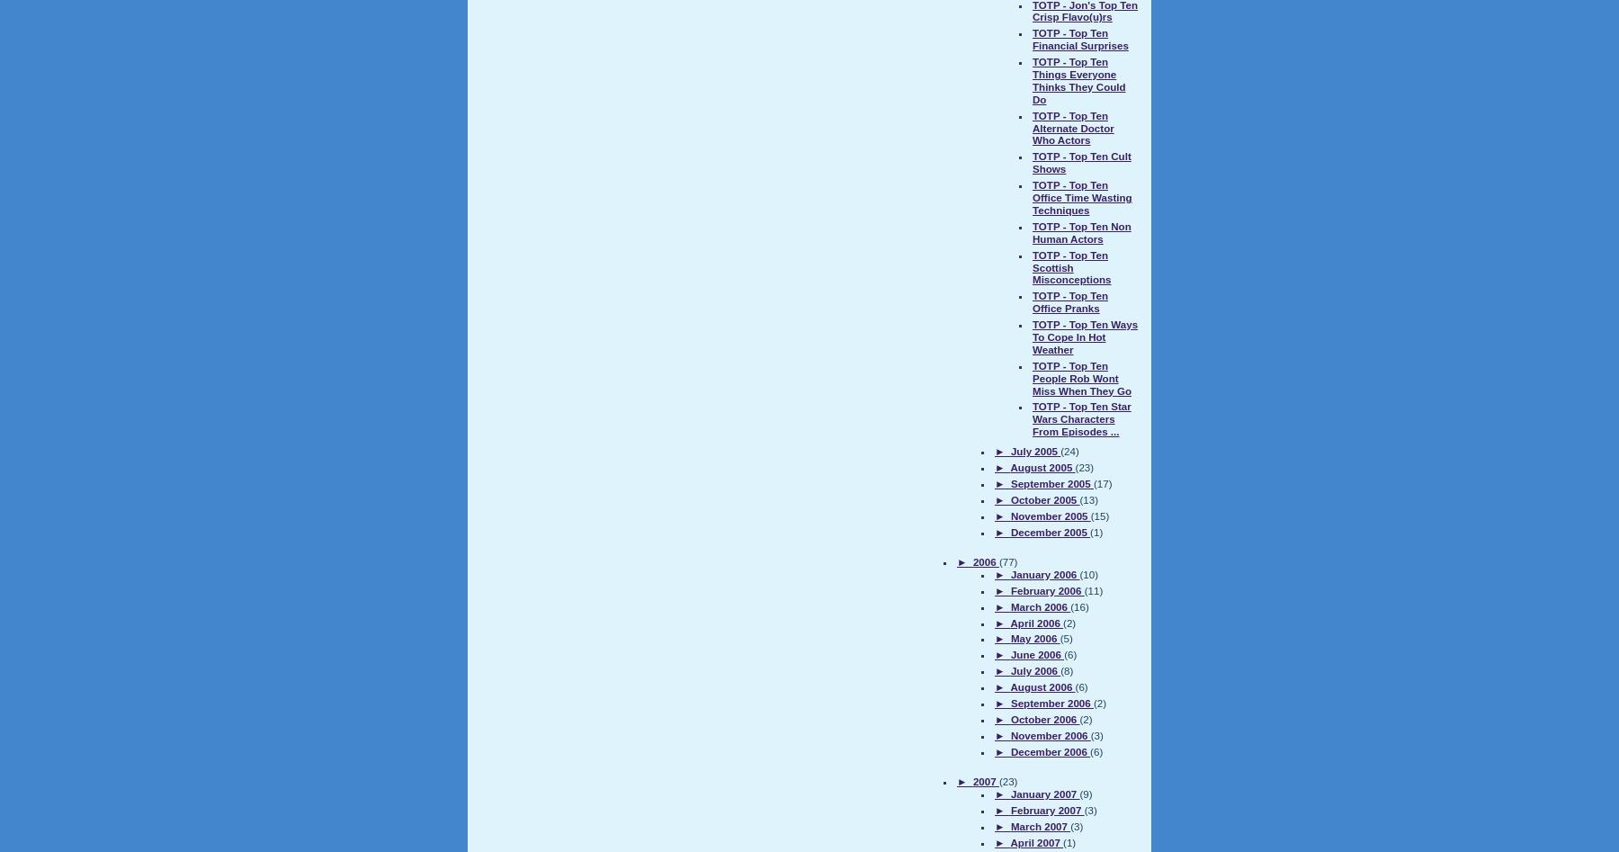 This screenshot has width=1619, height=852. Describe the element at coordinates (1035, 621) in the screenshot. I see `'April 2006'` at that location.